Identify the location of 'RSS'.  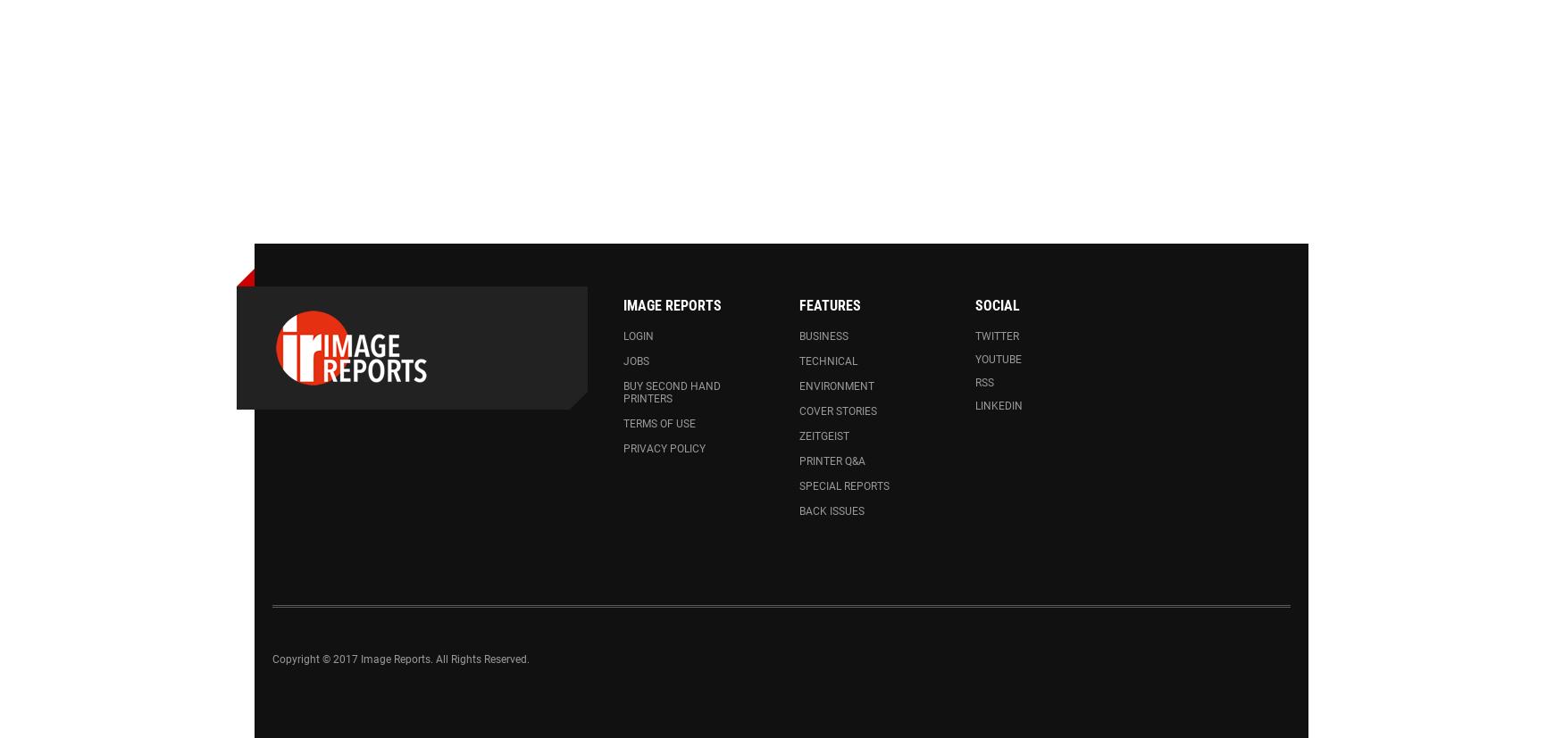
(983, 381).